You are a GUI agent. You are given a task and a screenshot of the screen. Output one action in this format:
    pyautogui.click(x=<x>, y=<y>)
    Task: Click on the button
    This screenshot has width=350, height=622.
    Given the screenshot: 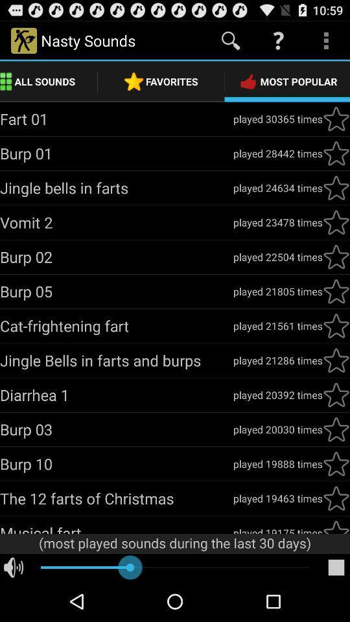 What is the action you would take?
    pyautogui.click(x=336, y=394)
    